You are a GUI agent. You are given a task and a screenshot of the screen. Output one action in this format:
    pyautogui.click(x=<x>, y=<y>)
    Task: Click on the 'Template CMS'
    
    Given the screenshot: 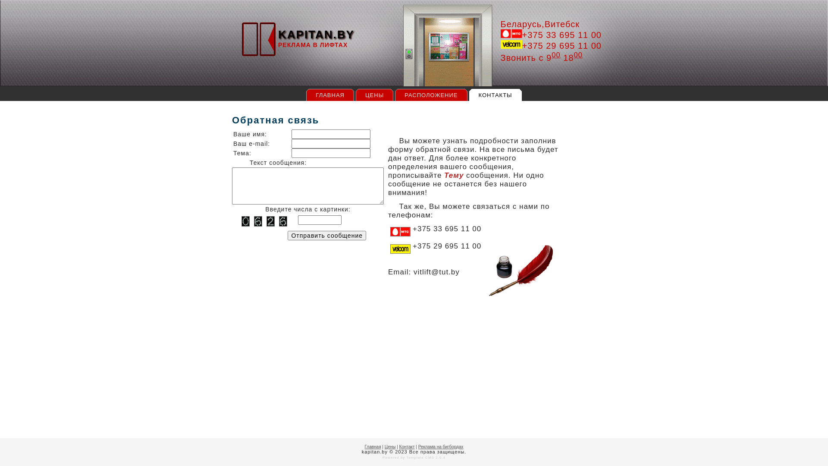 What is the action you would take?
    pyautogui.click(x=420, y=457)
    